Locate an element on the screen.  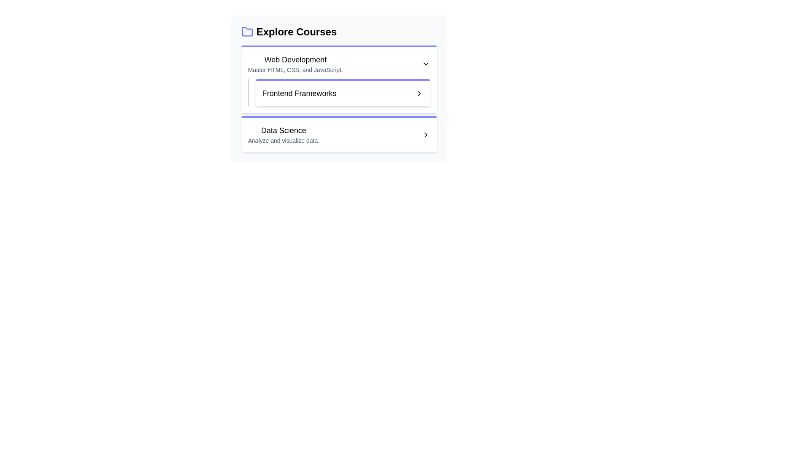
the 'Frontend Frameworks' button located beneath the 'Web Development' section in the vertical stack of selectable items is located at coordinates (339, 98).